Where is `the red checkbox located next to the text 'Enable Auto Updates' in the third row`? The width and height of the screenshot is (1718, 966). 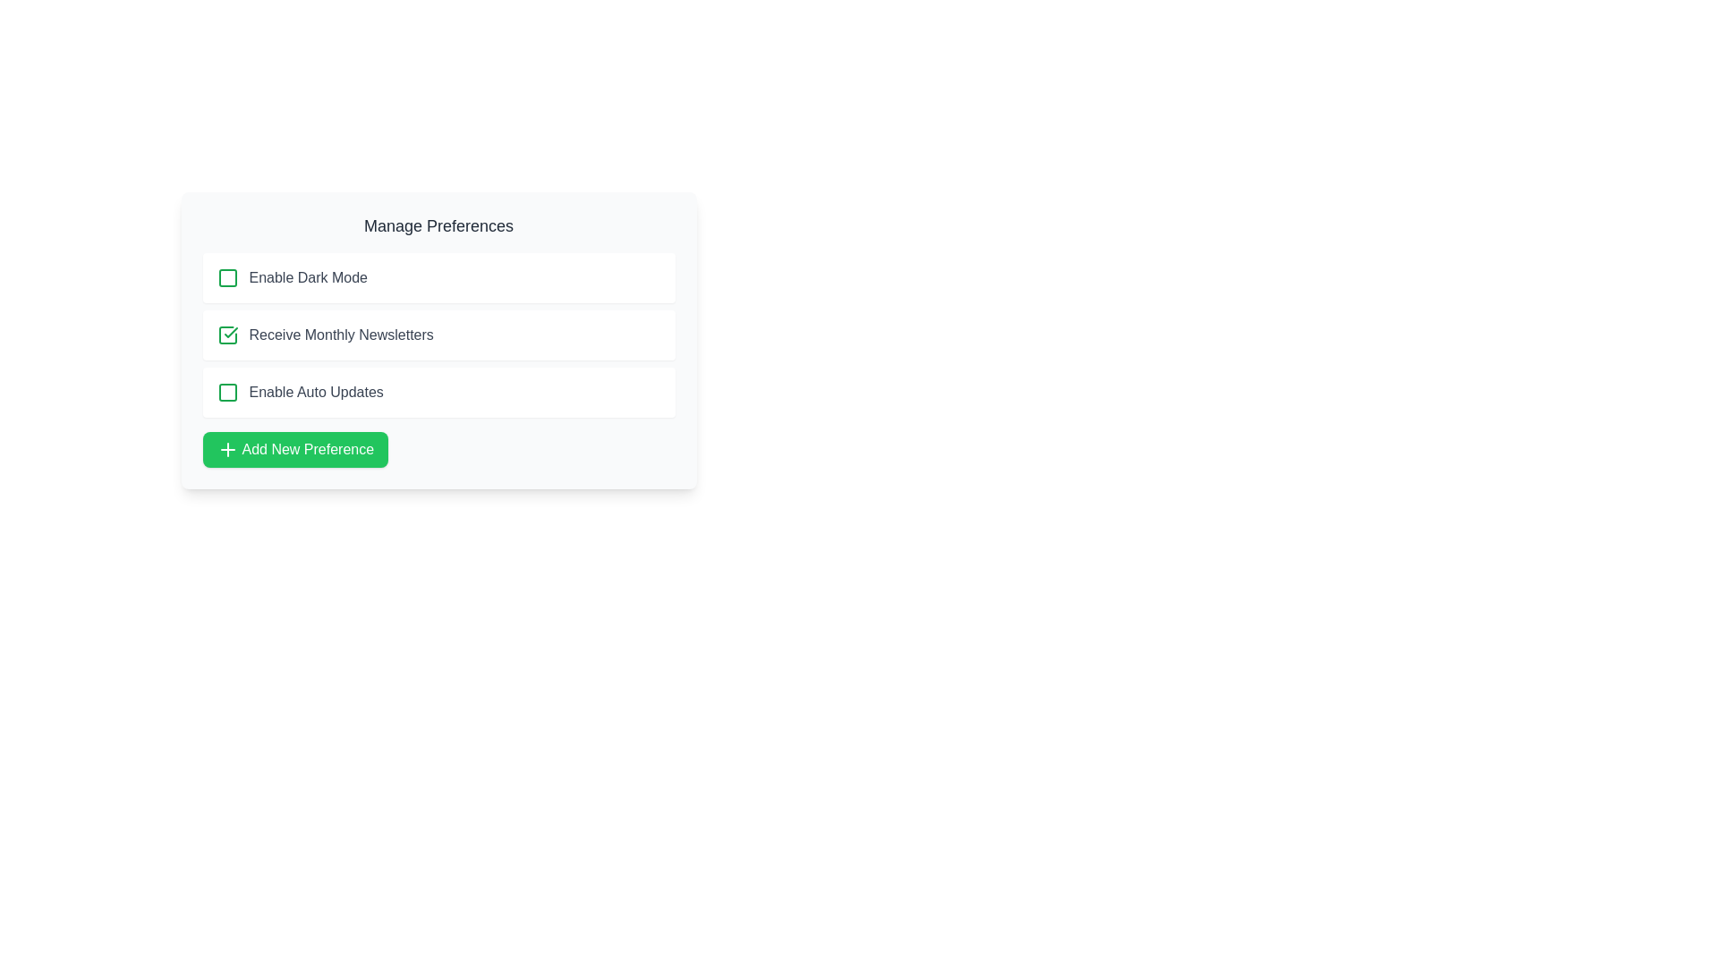
the red checkbox located next to the text 'Enable Auto Updates' in the third row is located at coordinates (226, 392).